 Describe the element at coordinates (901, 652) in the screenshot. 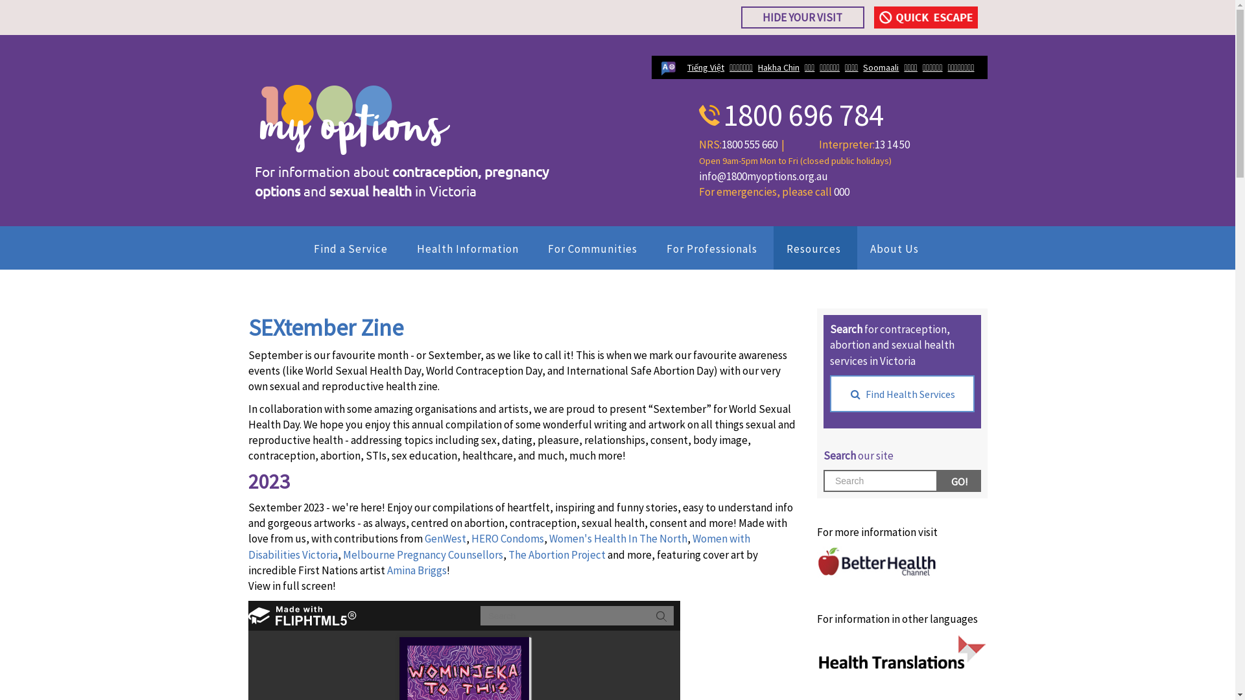

I see `'Health Translations'` at that location.